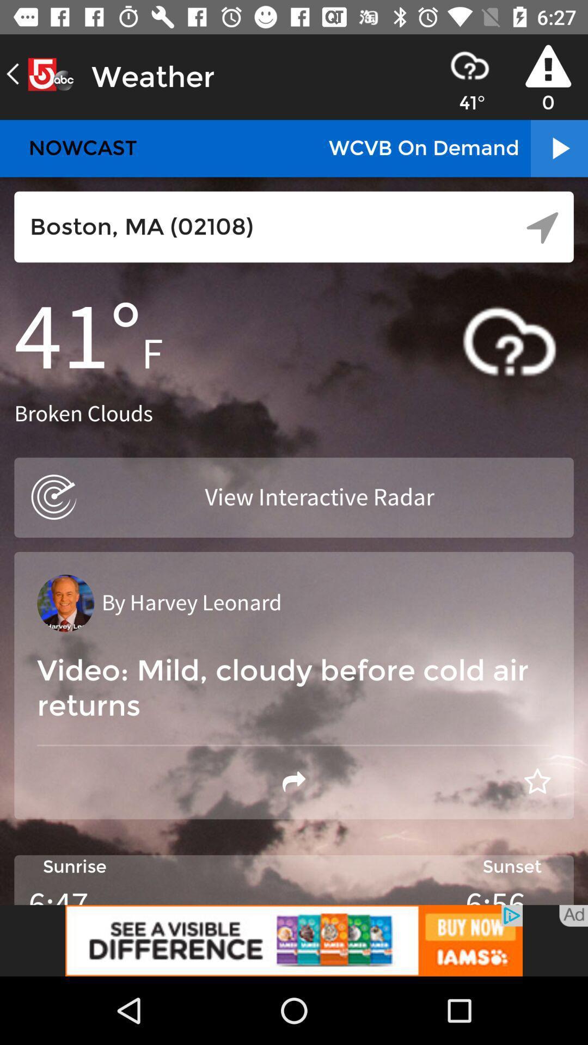 The image size is (588, 1045). I want to click on ad, so click(573, 915).